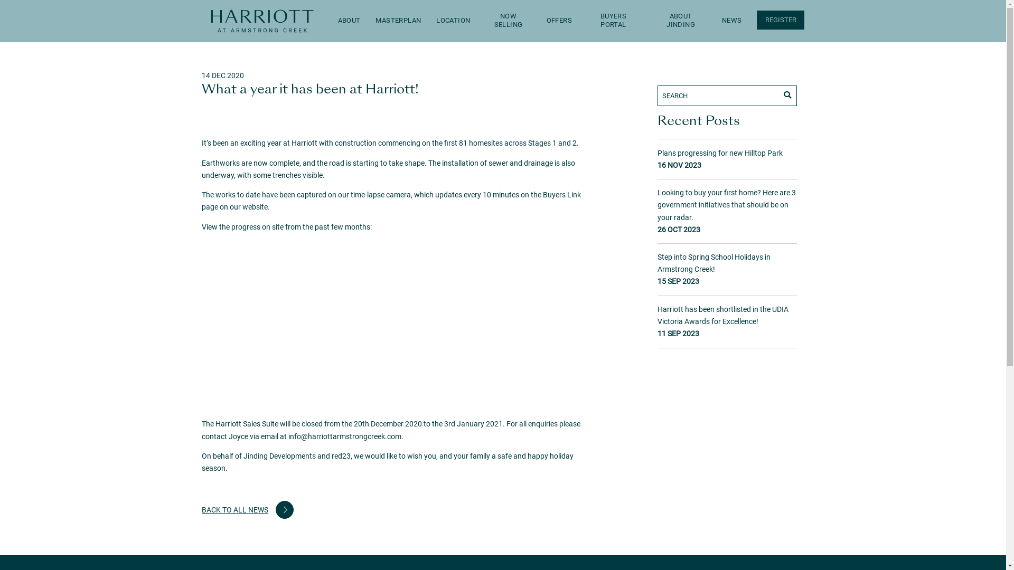 This screenshot has width=1014, height=570. I want to click on 'Plans progressing for new Hilltop Park', so click(719, 153).